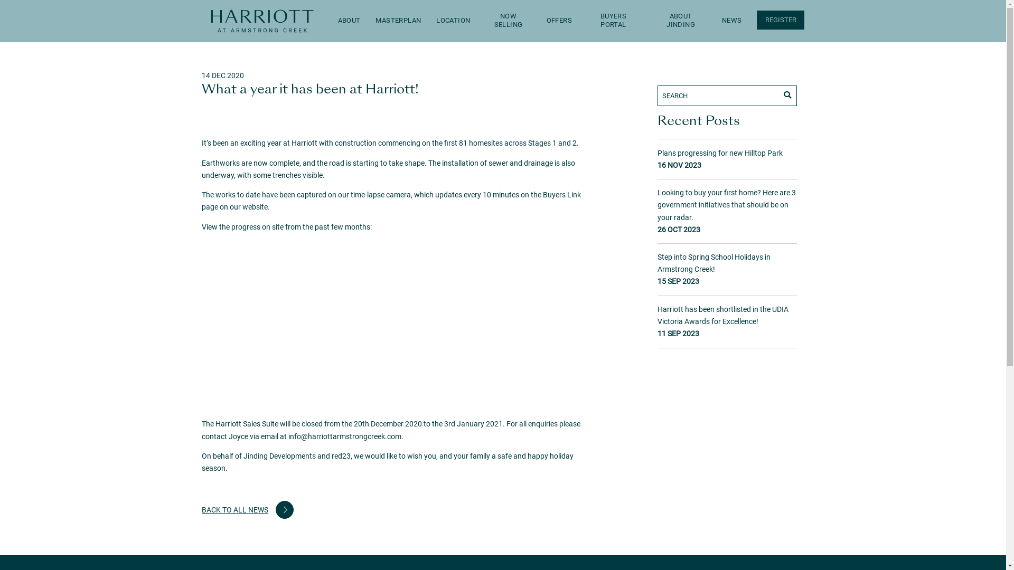 This screenshot has width=1014, height=570. I want to click on 'Plans progressing for new Hilltop Park', so click(719, 153).